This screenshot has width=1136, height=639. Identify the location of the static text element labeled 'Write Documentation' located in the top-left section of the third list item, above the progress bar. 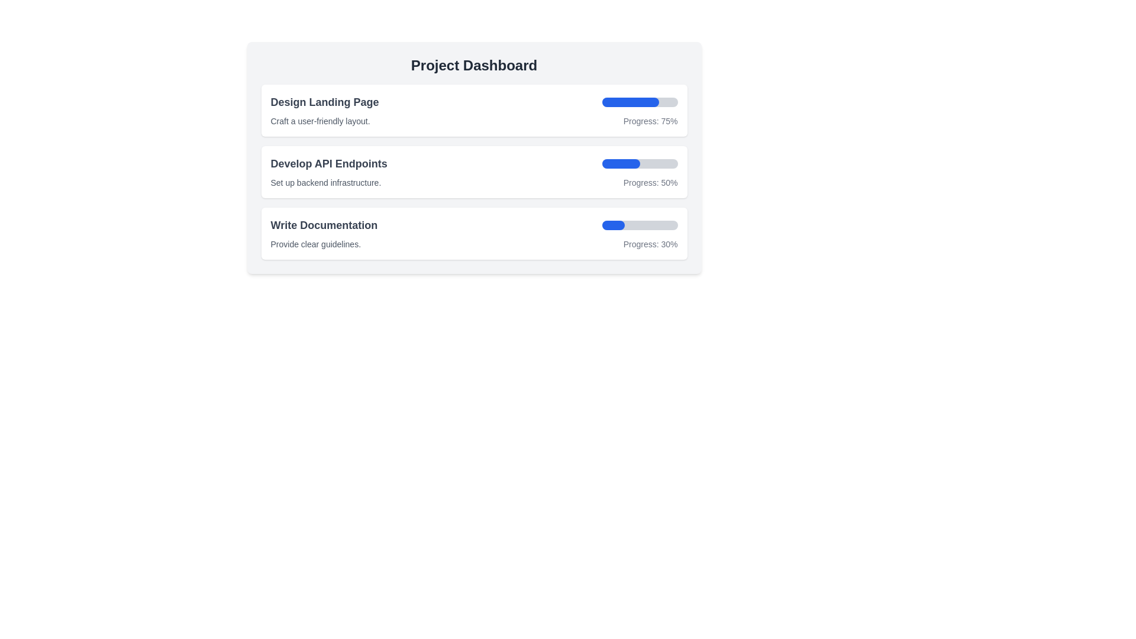
(324, 225).